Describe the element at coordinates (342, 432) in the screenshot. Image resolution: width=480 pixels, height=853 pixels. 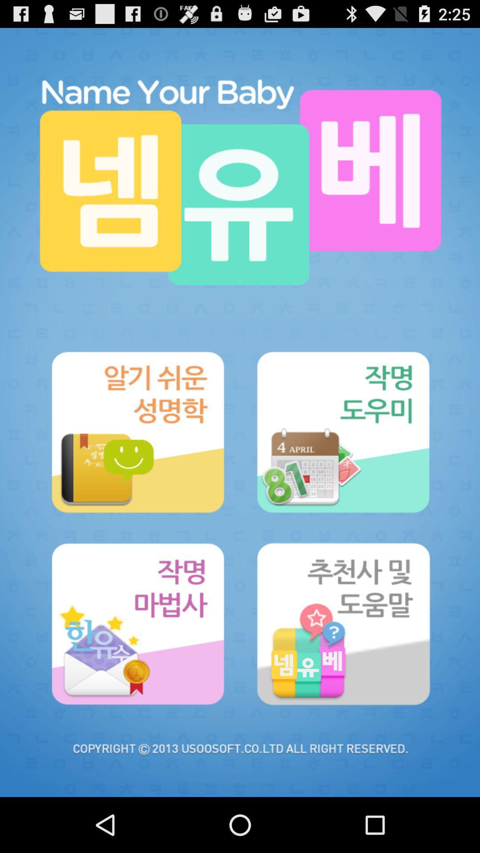
I see `calender app` at that location.